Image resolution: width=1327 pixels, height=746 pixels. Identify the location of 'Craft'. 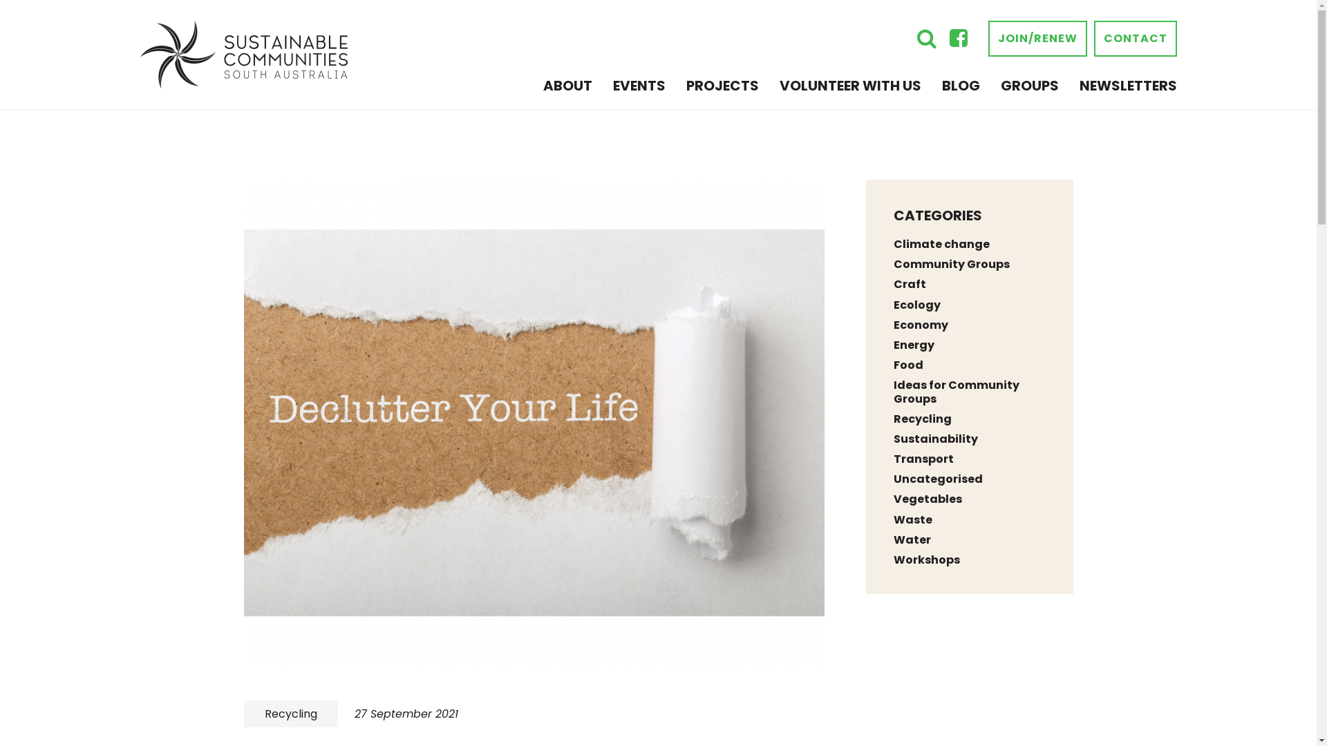
(909, 283).